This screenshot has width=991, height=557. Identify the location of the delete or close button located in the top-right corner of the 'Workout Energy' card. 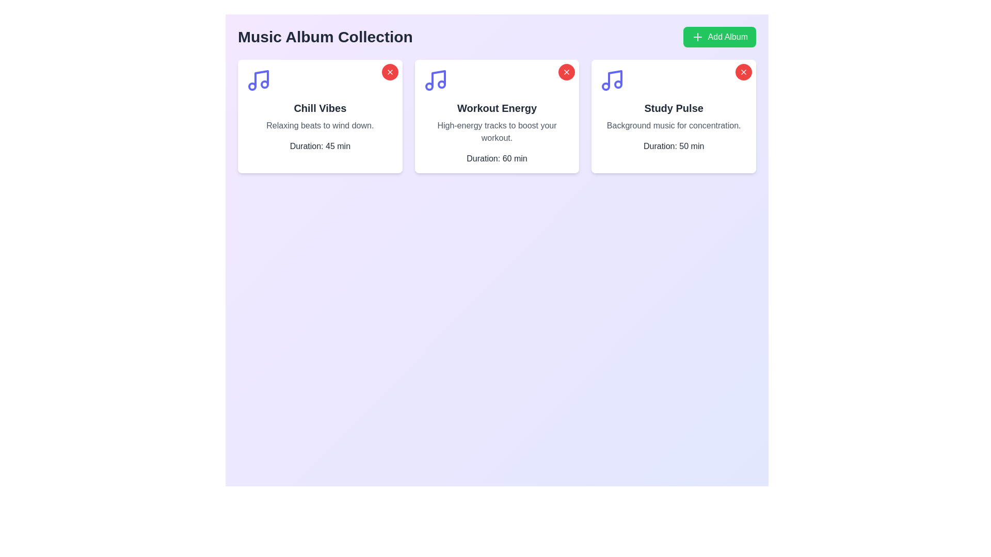
(566, 71).